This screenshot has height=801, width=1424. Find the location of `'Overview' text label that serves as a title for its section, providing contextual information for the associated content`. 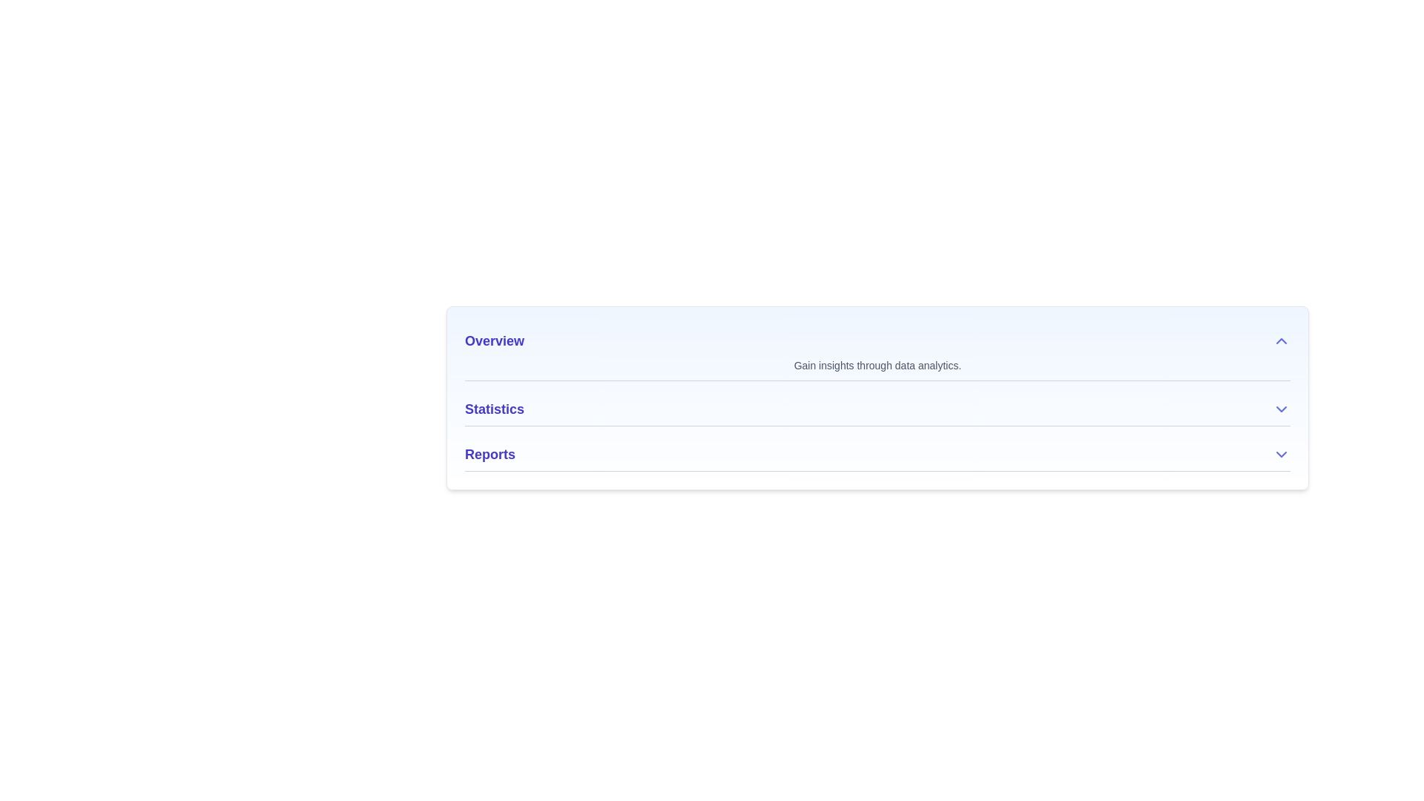

'Overview' text label that serves as a title for its section, providing contextual information for the associated content is located at coordinates (495, 340).